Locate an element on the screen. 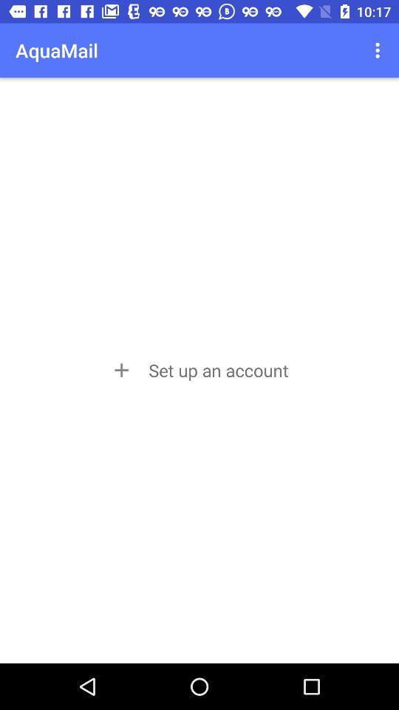 This screenshot has width=399, height=710. icon next to the aquamail icon is located at coordinates (379, 50).